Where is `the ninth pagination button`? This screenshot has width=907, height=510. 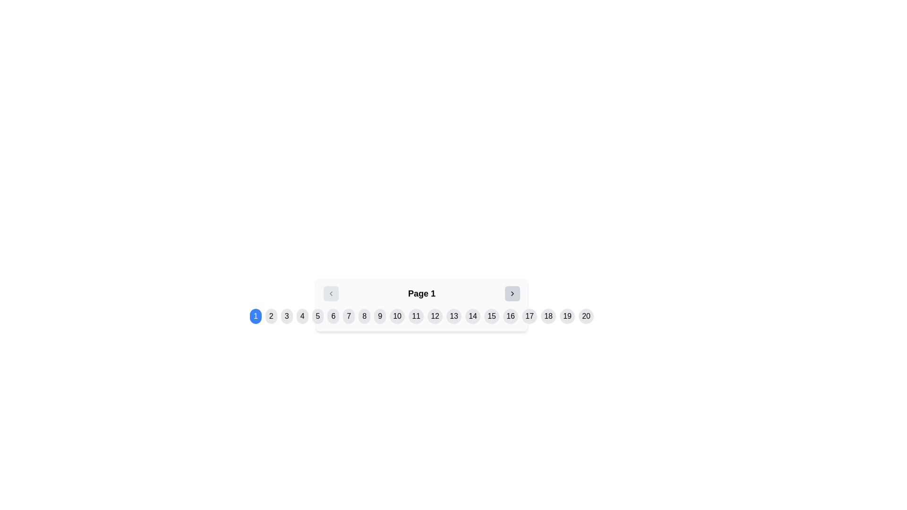
the ninth pagination button is located at coordinates (380, 316).